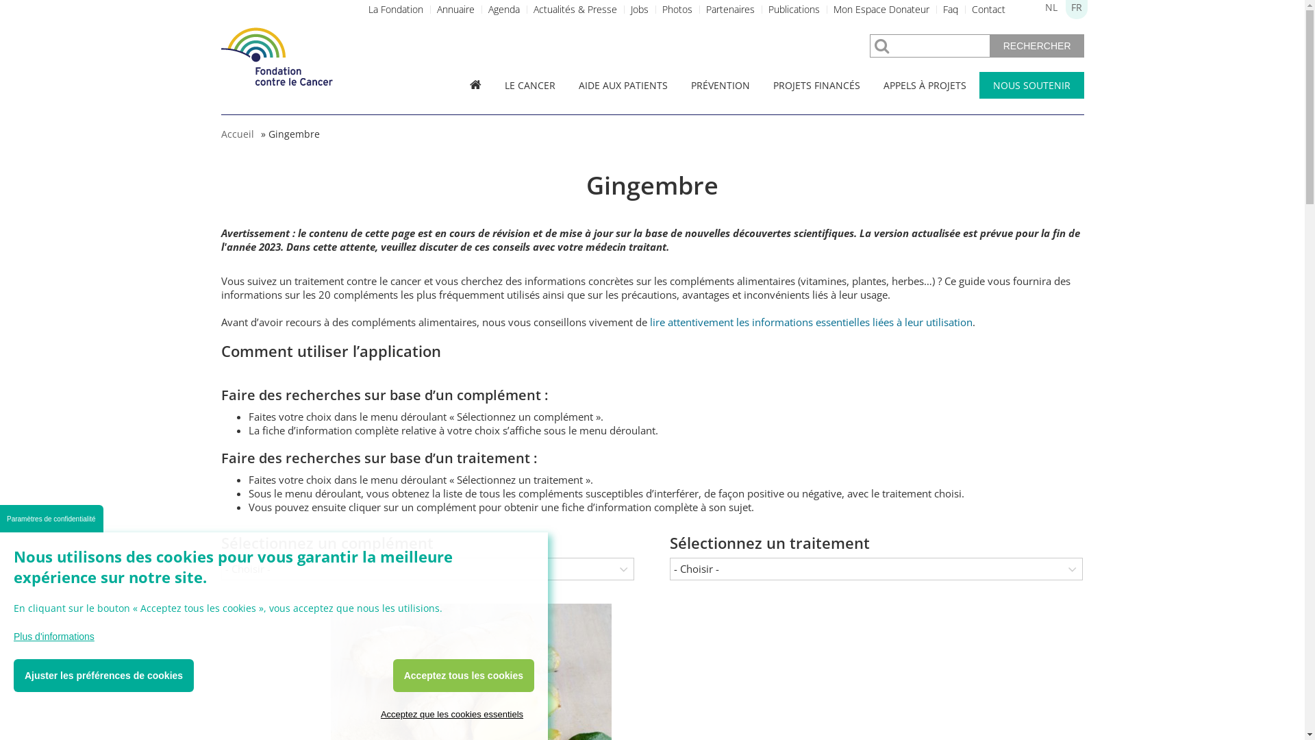 The width and height of the screenshot is (1315, 740). Describe the element at coordinates (677, 9) in the screenshot. I see `'Photos'` at that location.